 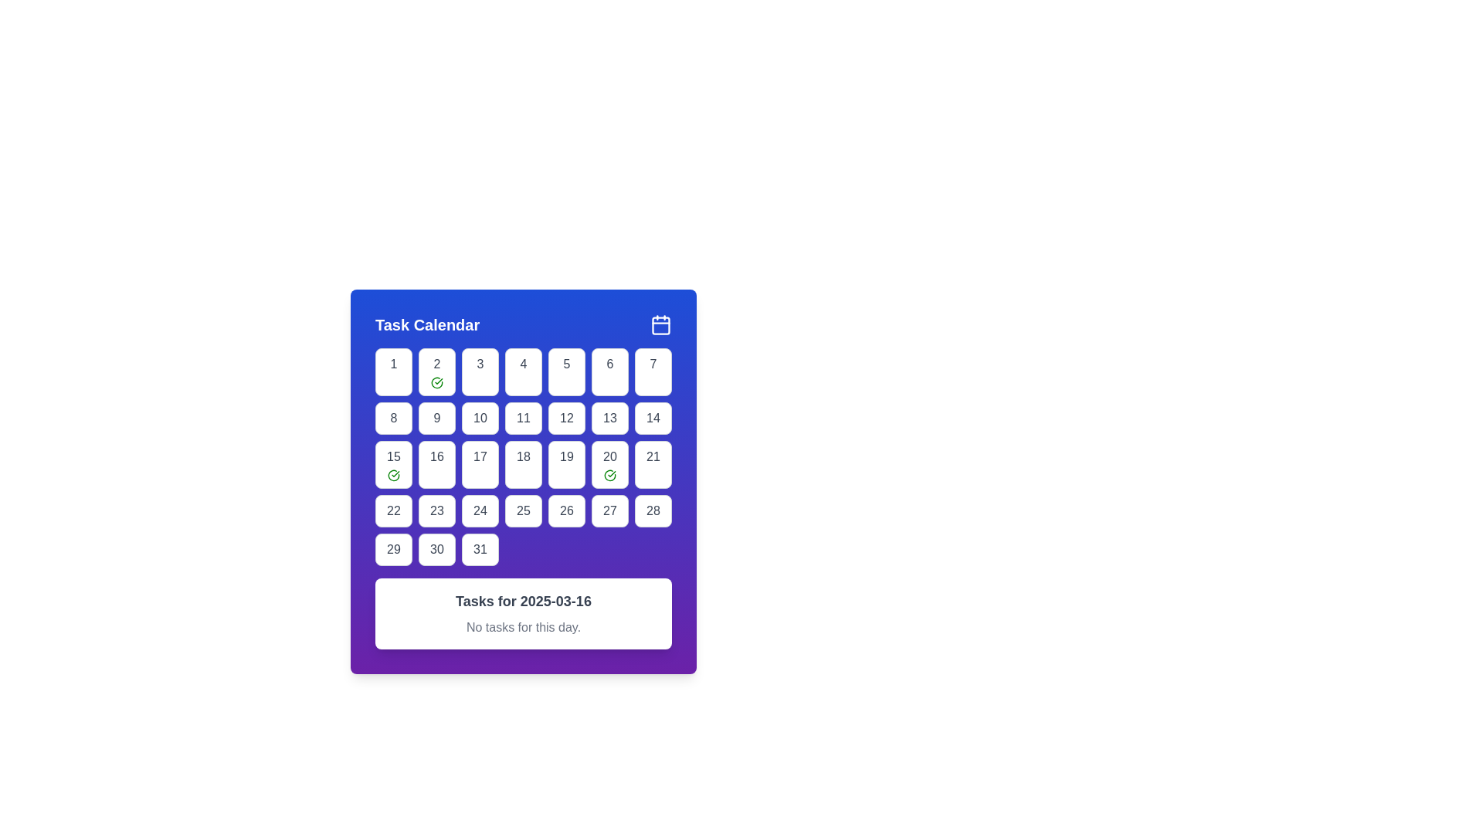 I want to click on static text label that displays 'No tasks for this day.' which is styled in light gray color and located below the heading 'Tasks for 2025-03-16' within the task calendar section, so click(x=523, y=628).